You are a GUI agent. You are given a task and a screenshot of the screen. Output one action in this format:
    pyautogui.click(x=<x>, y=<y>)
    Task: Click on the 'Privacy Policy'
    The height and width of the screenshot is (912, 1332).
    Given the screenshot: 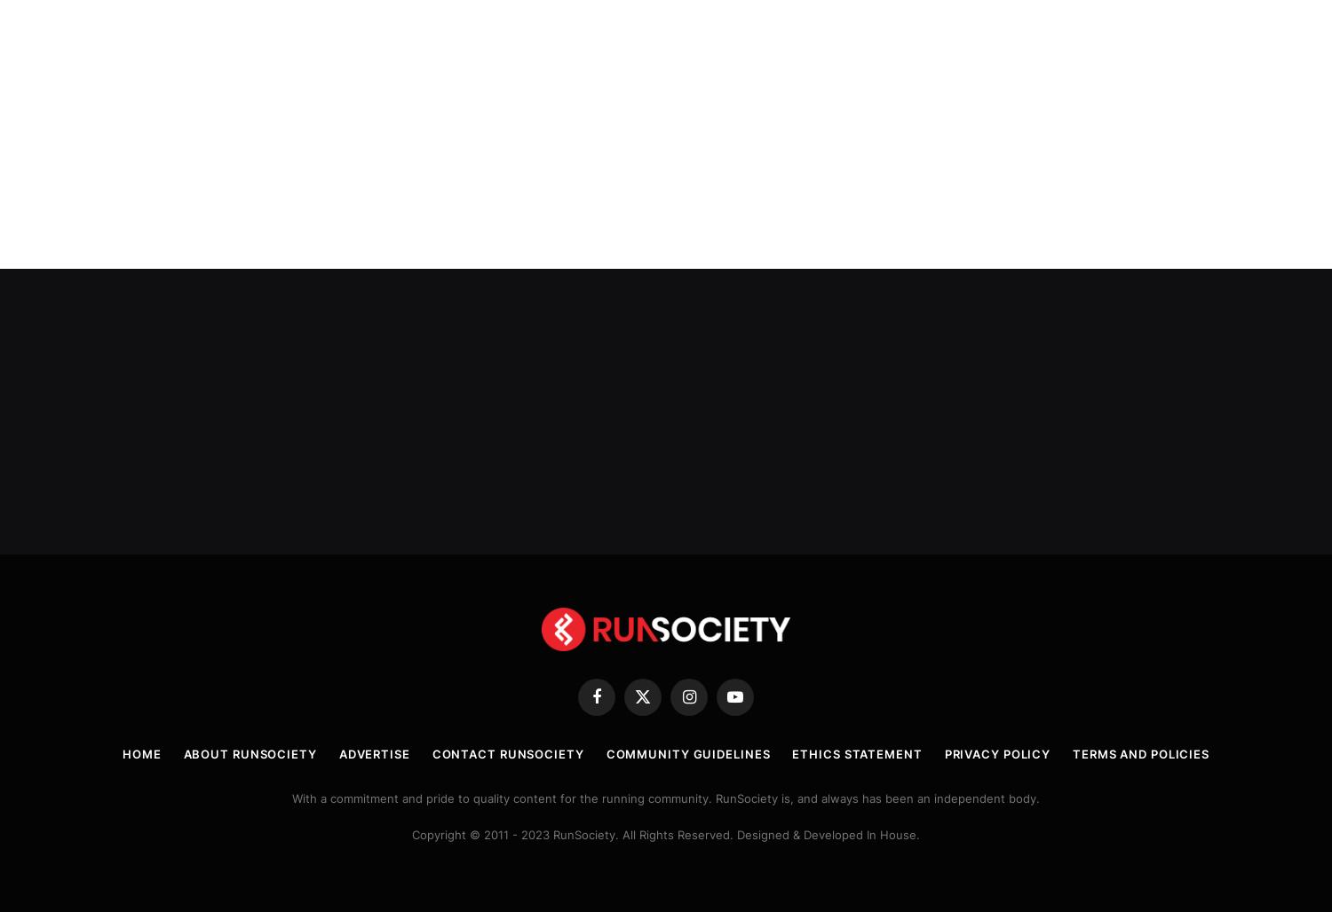 What is the action you would take?
    pyautogui.click(x=996, y=751)
    